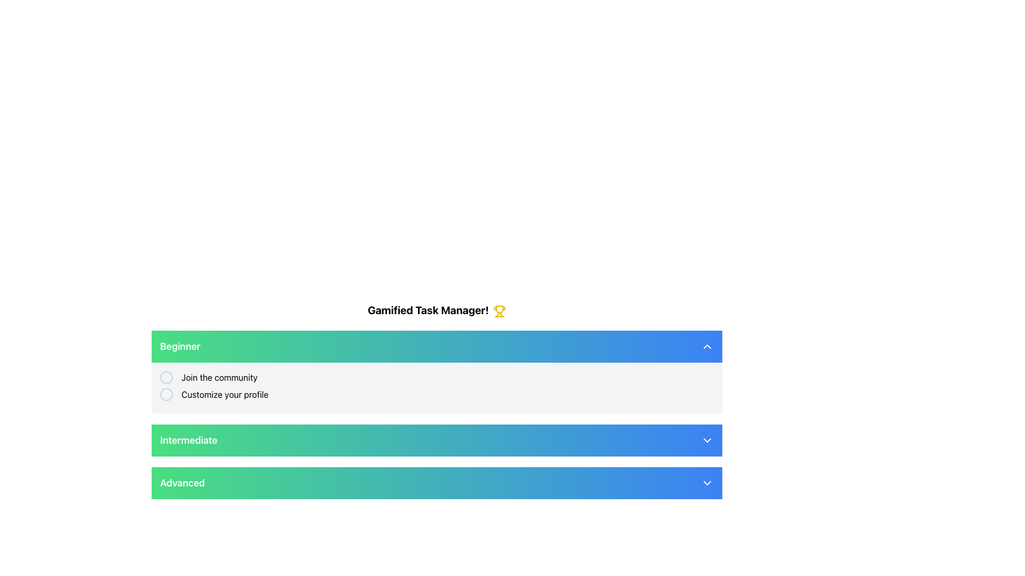 The image size is (1025, 576). I want to click on the trophy icon located to the right of the text 'Gamified Task Manager!' for interaction, so click(499, 311).